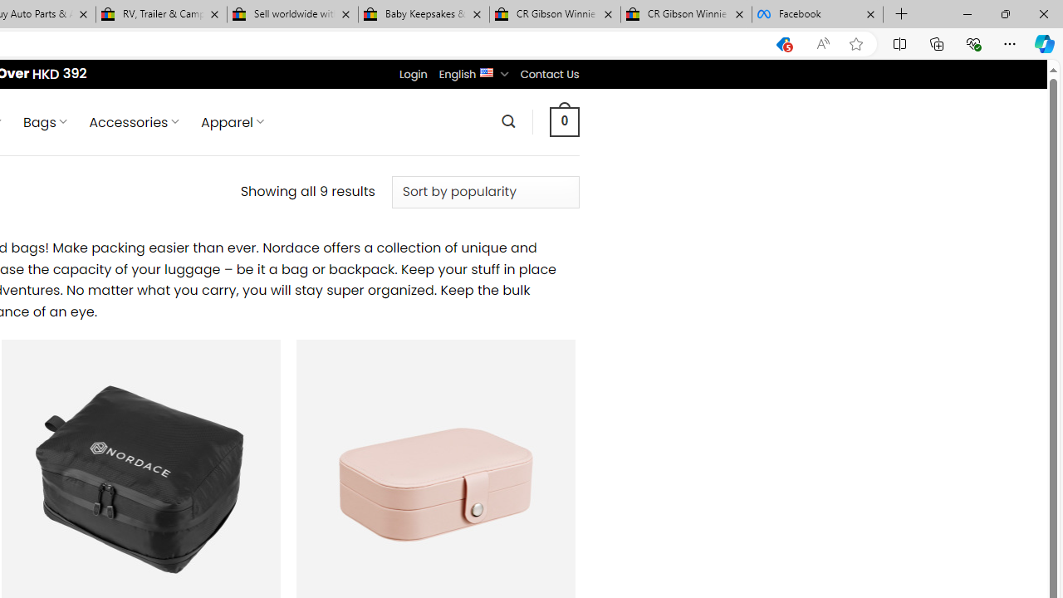 The width and height of the screenshot is (1063, 598). I want to click on 'Split screen', so click(899, 42).